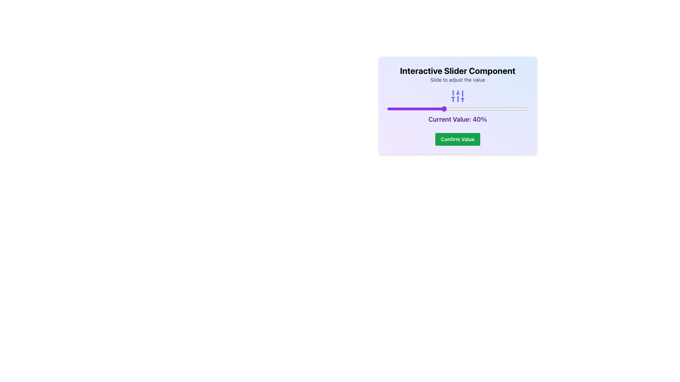 This screenshot has height=382, width=680. I want to click on the slider value, so click(443, 109).